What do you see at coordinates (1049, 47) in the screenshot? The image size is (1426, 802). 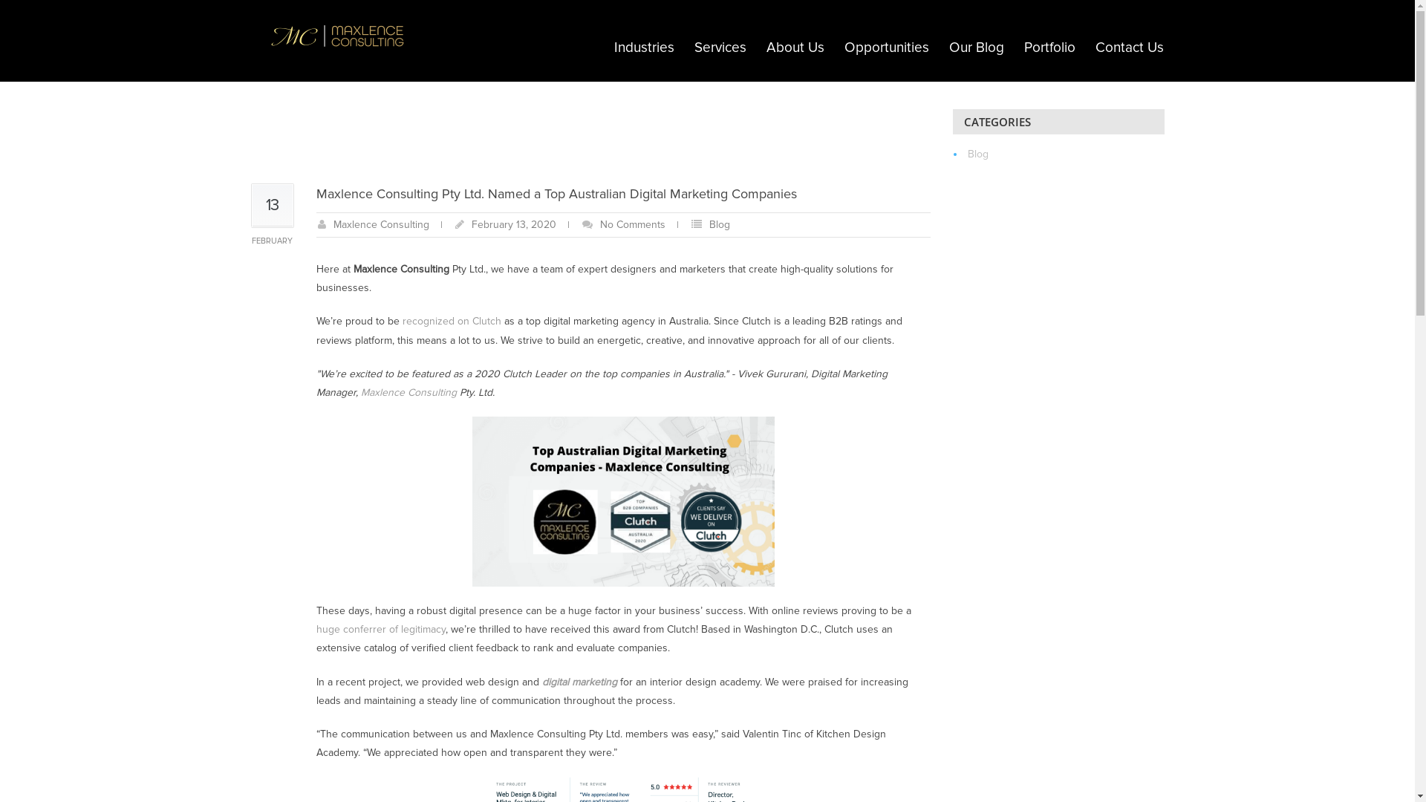 I see `'Portfolio'` at bounding box center [1049, 47].